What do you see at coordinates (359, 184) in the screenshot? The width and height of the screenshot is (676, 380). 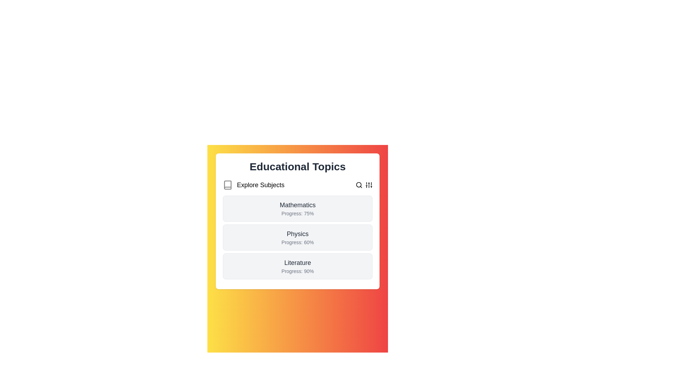 I see `the 'Search' button to initiate the search operation` at bounding box center [359, 184].